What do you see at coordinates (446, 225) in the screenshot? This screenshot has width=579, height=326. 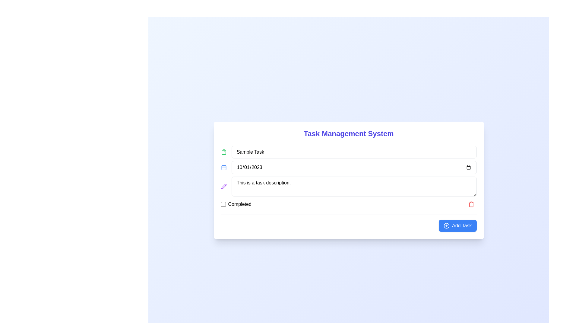 I see `the circular blue icon with a plus symbol inside, located within the 'Add Task' button` at bounding box center [446, 225].